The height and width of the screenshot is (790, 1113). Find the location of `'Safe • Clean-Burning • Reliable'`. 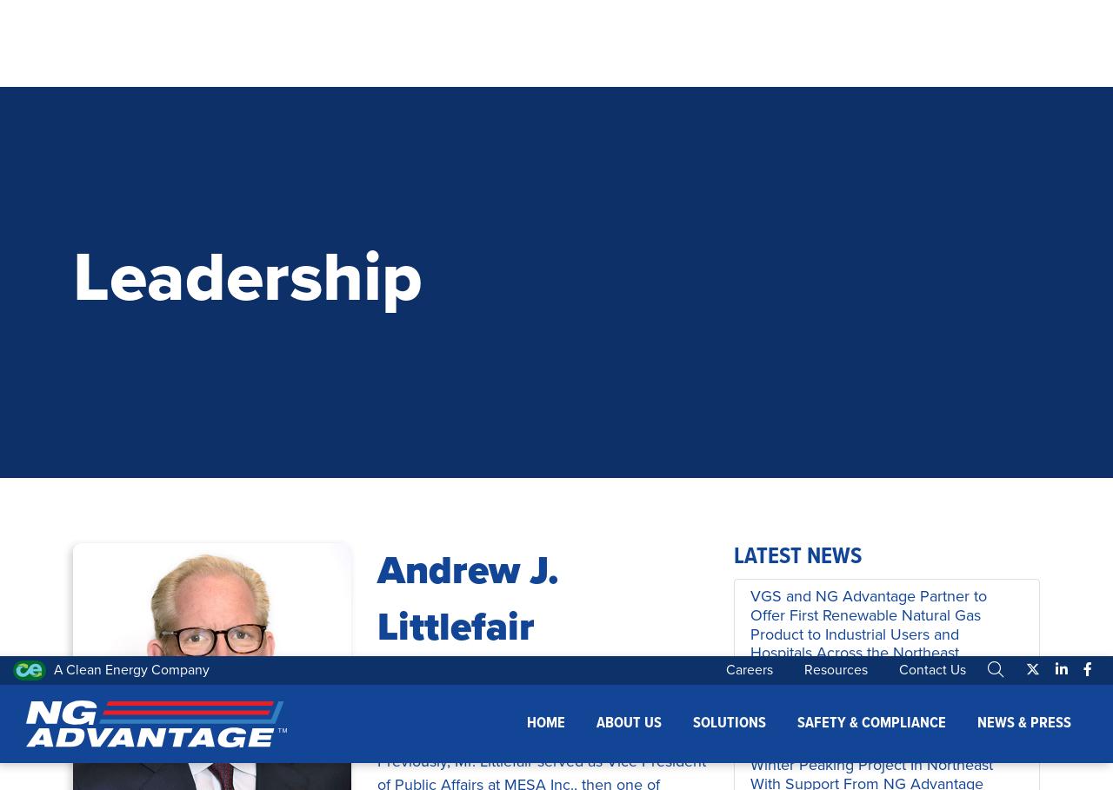

'Safe • Clean-Burning • Reliable' is located at coordinates (556, 600).